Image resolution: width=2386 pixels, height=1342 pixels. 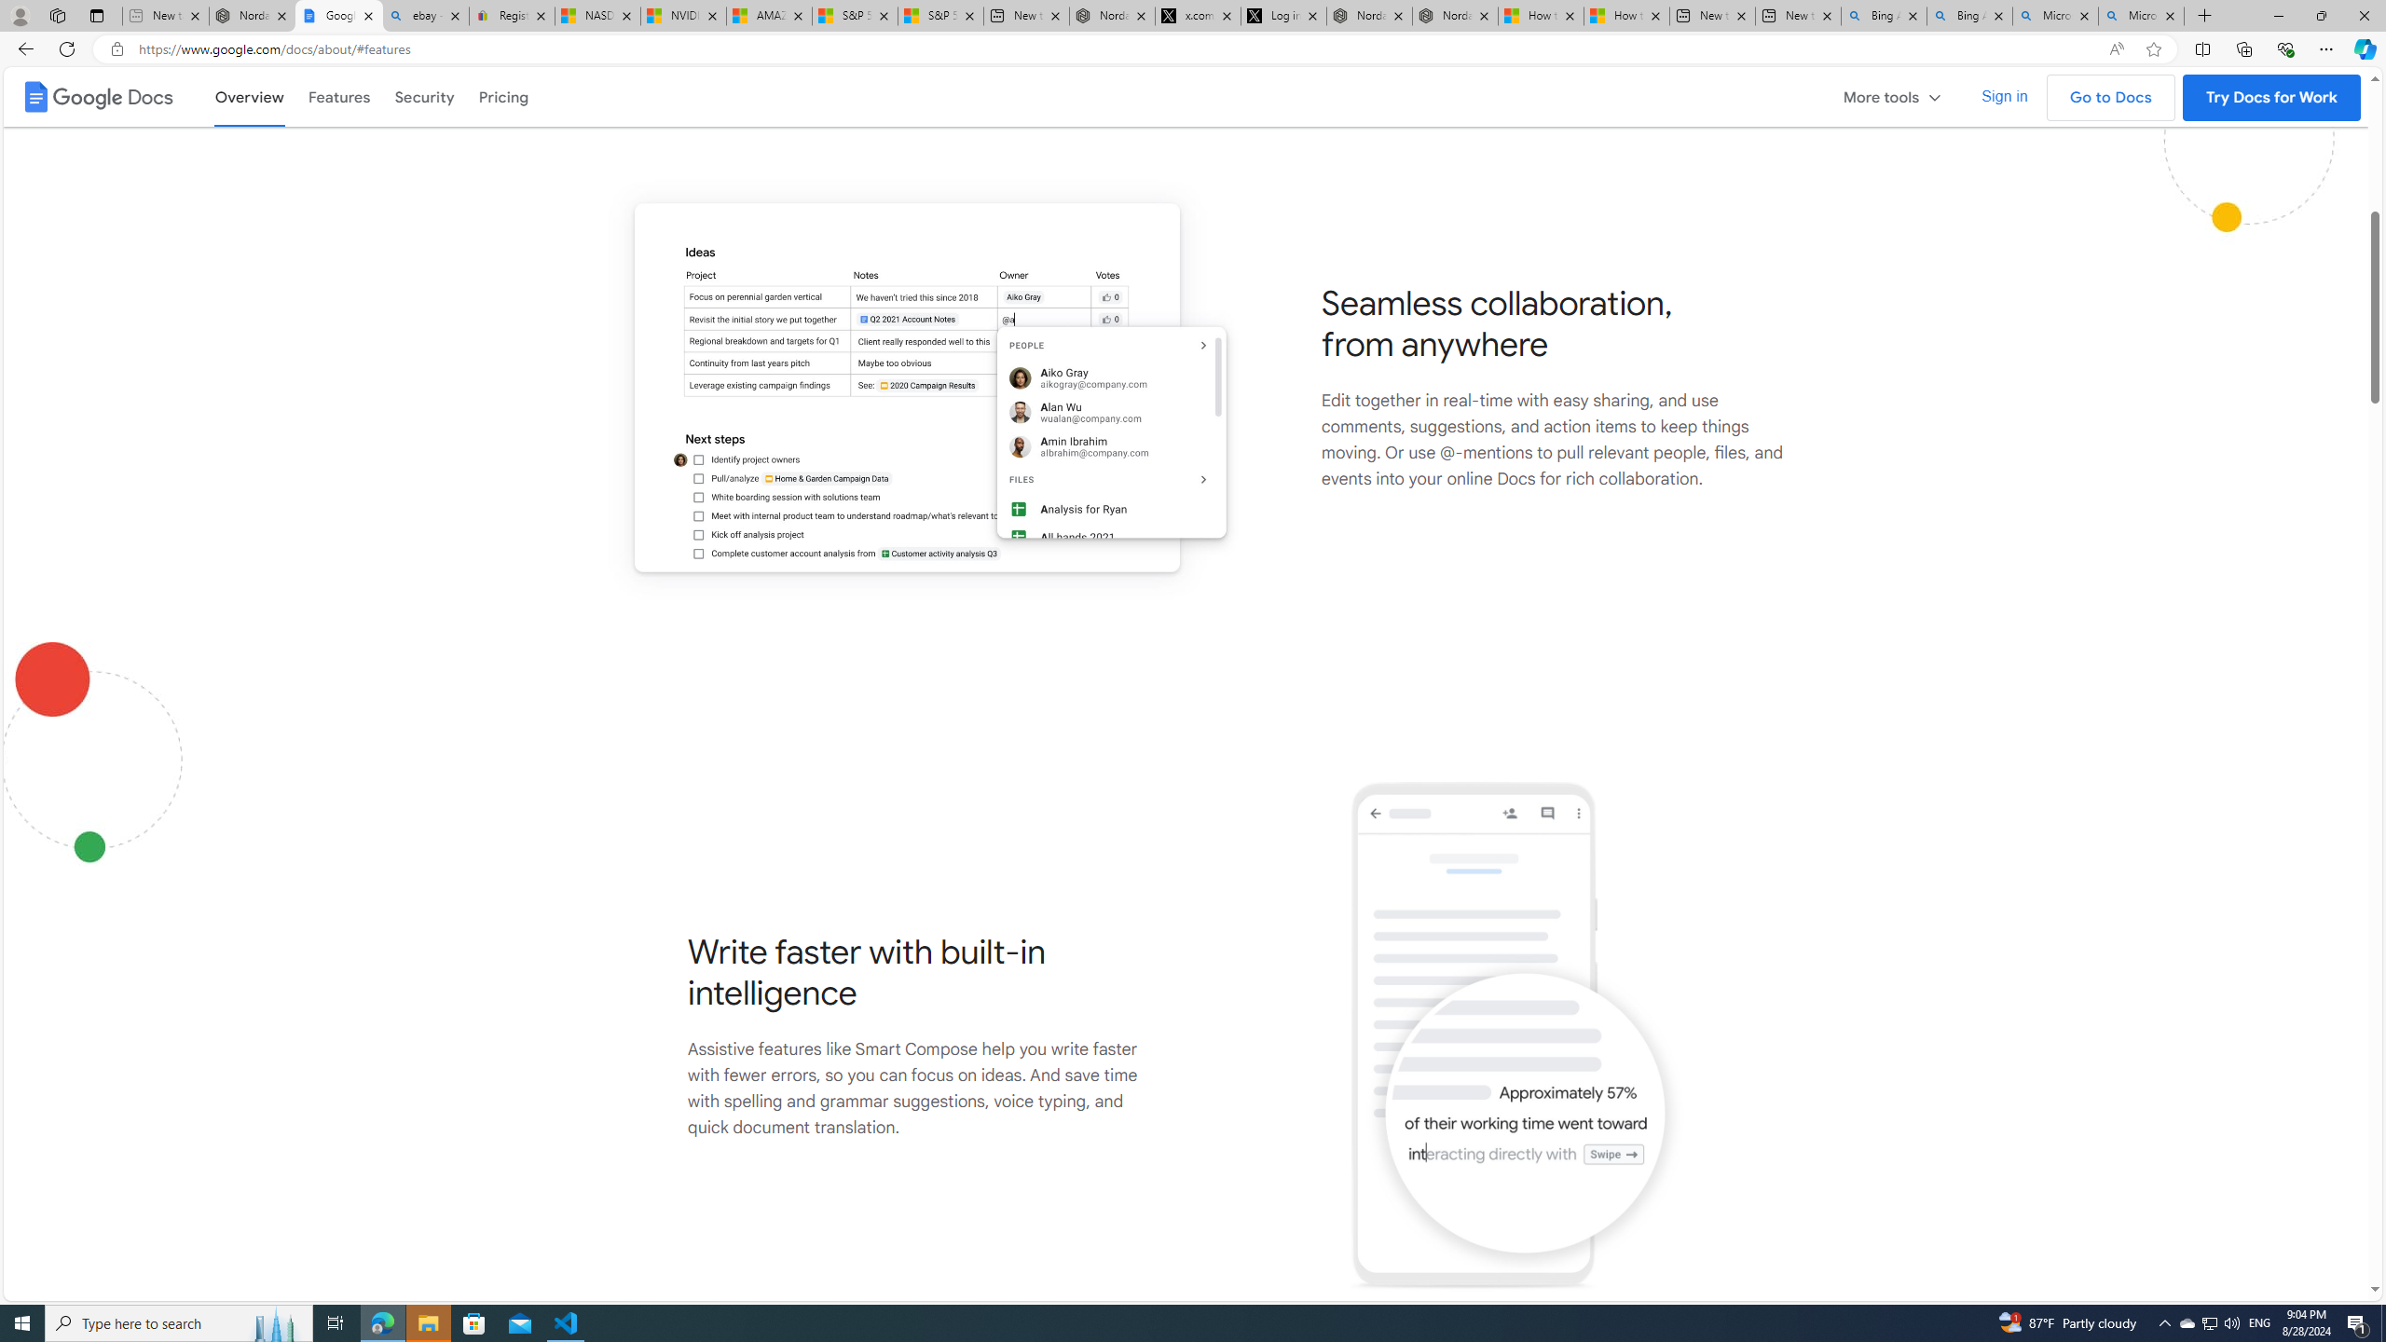 What do you see at coordinates (425, 15) in the screenshot?
I see `'ebay - Search'` at bounding box center [425, 15].